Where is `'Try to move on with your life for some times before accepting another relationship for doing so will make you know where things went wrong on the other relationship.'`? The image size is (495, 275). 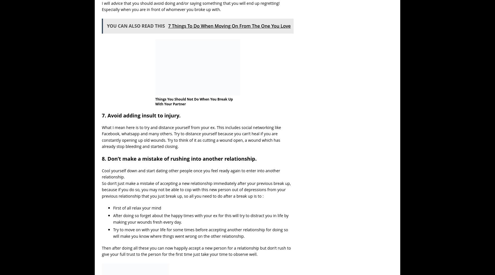
'Try to move on with your life for some times before accepting another relationship for doing so will make you know where things went wrong on the other relationship.' is located at coordinates (200, 233).